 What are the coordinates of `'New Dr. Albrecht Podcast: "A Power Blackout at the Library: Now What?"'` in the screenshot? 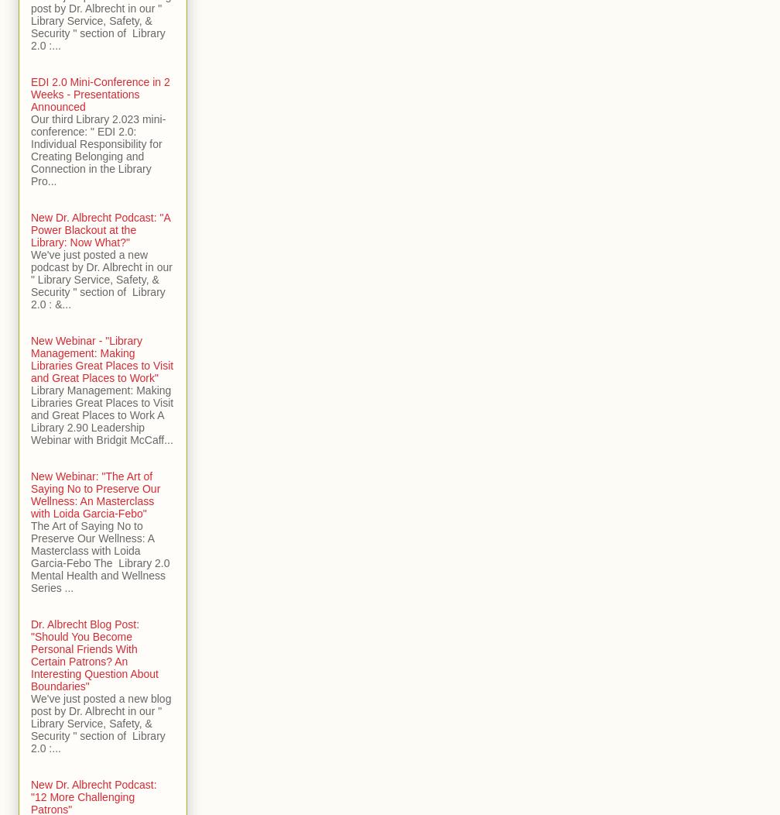 It's located at (101, 229).